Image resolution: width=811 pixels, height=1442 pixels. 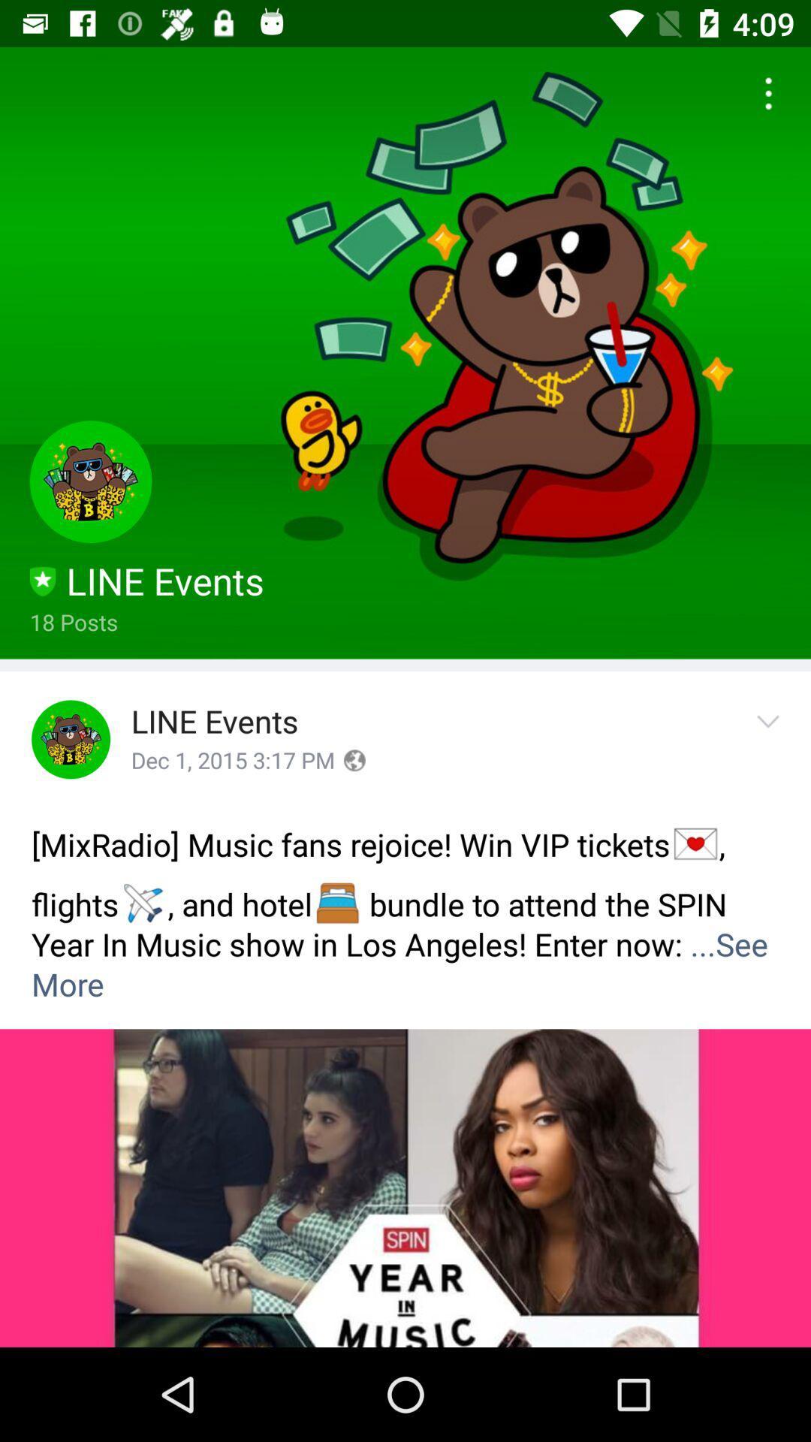 I want to click on the text top right corner, so click(x=764, y=93).